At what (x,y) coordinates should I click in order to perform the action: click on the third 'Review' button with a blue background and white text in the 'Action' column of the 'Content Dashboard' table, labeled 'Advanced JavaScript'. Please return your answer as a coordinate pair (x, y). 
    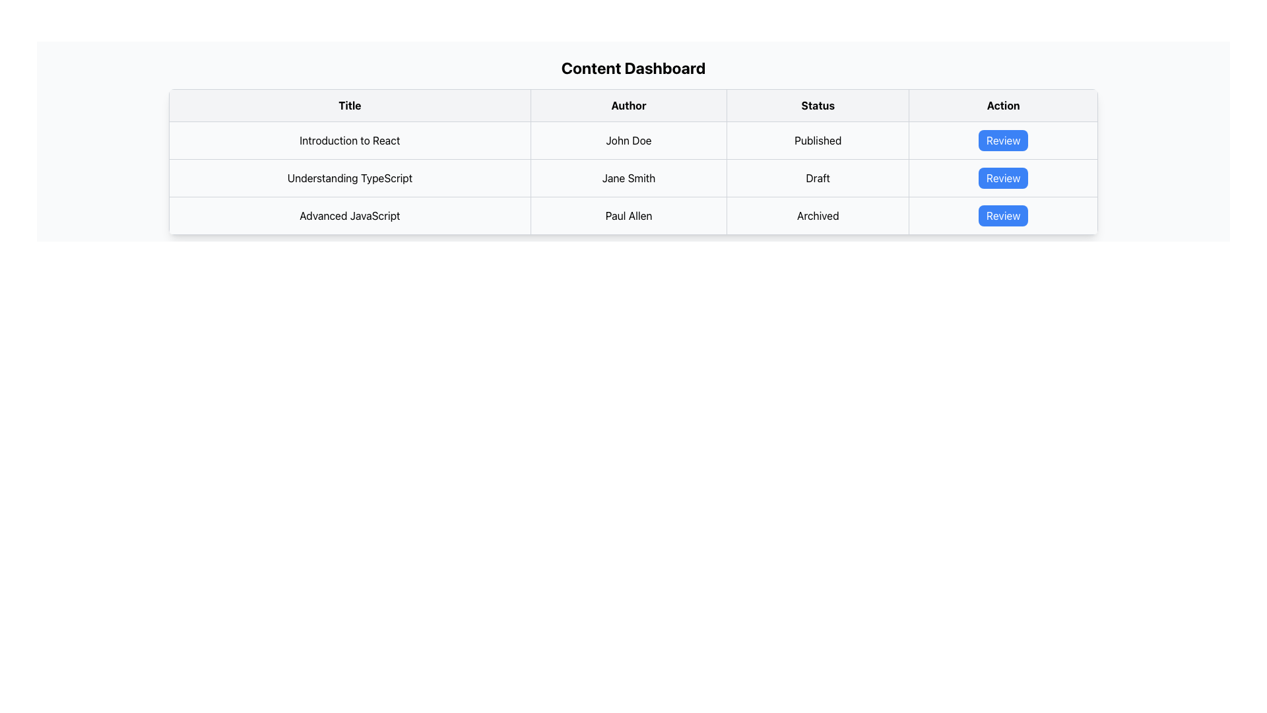
    Looking at the image, I should click on (1003, 215).